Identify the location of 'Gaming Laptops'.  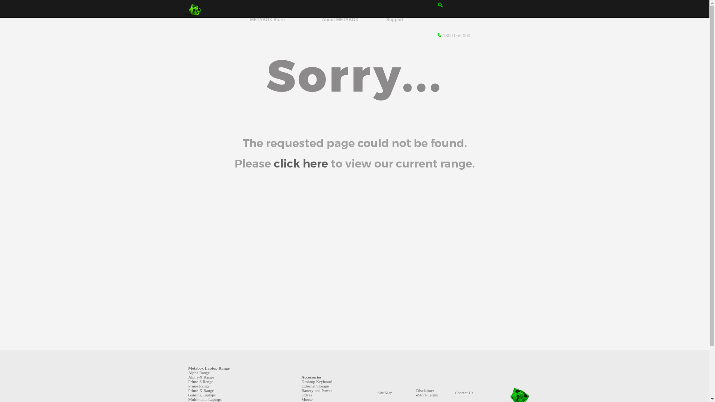
(188, 394).